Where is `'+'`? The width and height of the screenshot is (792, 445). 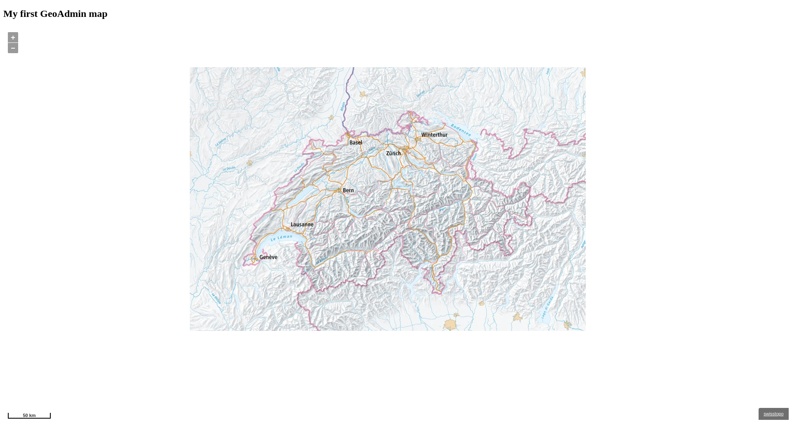 '+' is located at coordinates (13, 37).